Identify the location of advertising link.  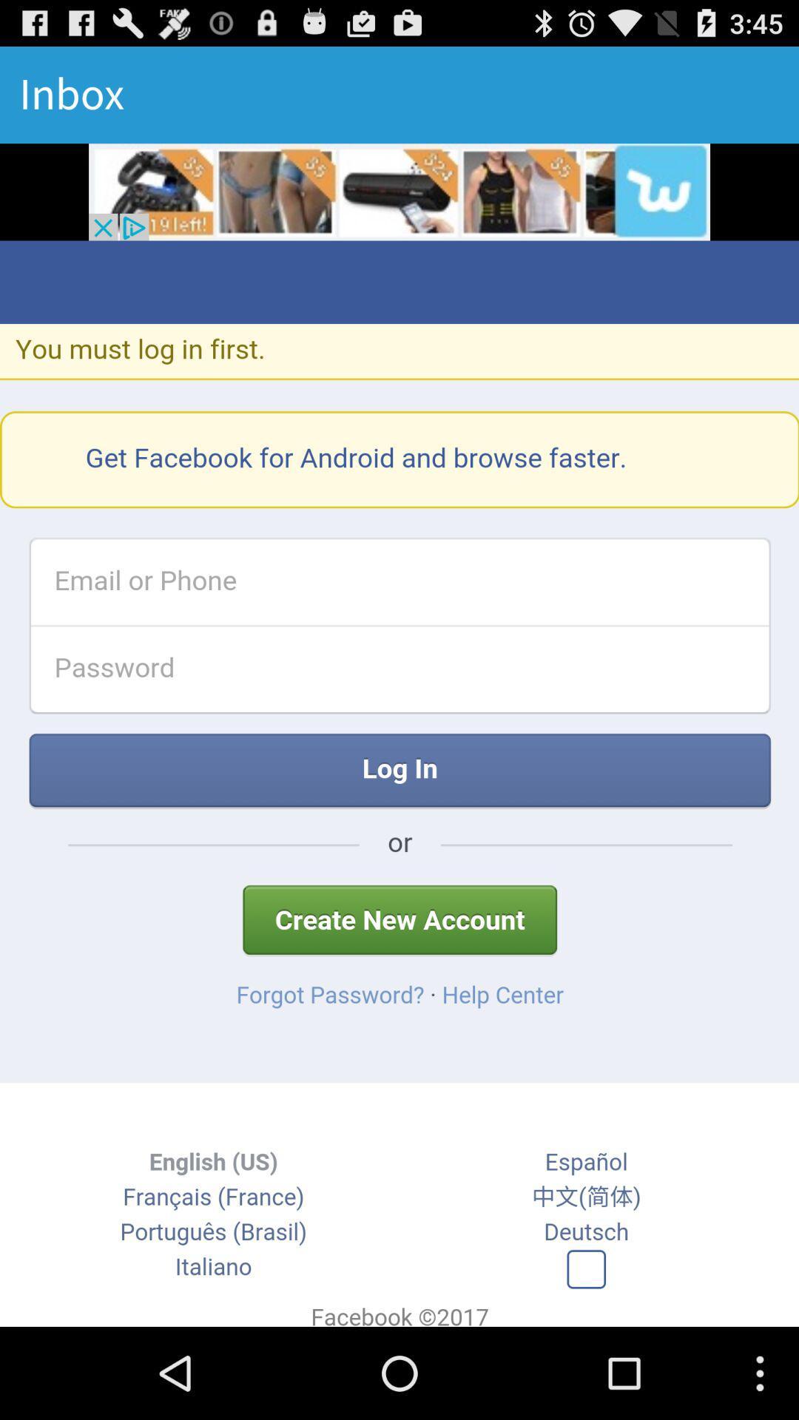
(399, 191).